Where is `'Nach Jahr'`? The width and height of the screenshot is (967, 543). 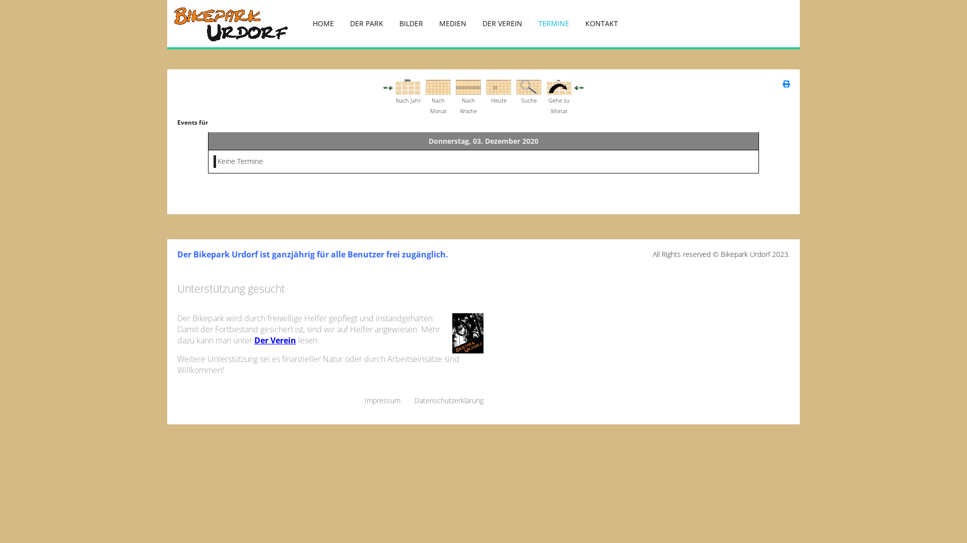
'Nach Jahr' is located at coordinates (395, 85).